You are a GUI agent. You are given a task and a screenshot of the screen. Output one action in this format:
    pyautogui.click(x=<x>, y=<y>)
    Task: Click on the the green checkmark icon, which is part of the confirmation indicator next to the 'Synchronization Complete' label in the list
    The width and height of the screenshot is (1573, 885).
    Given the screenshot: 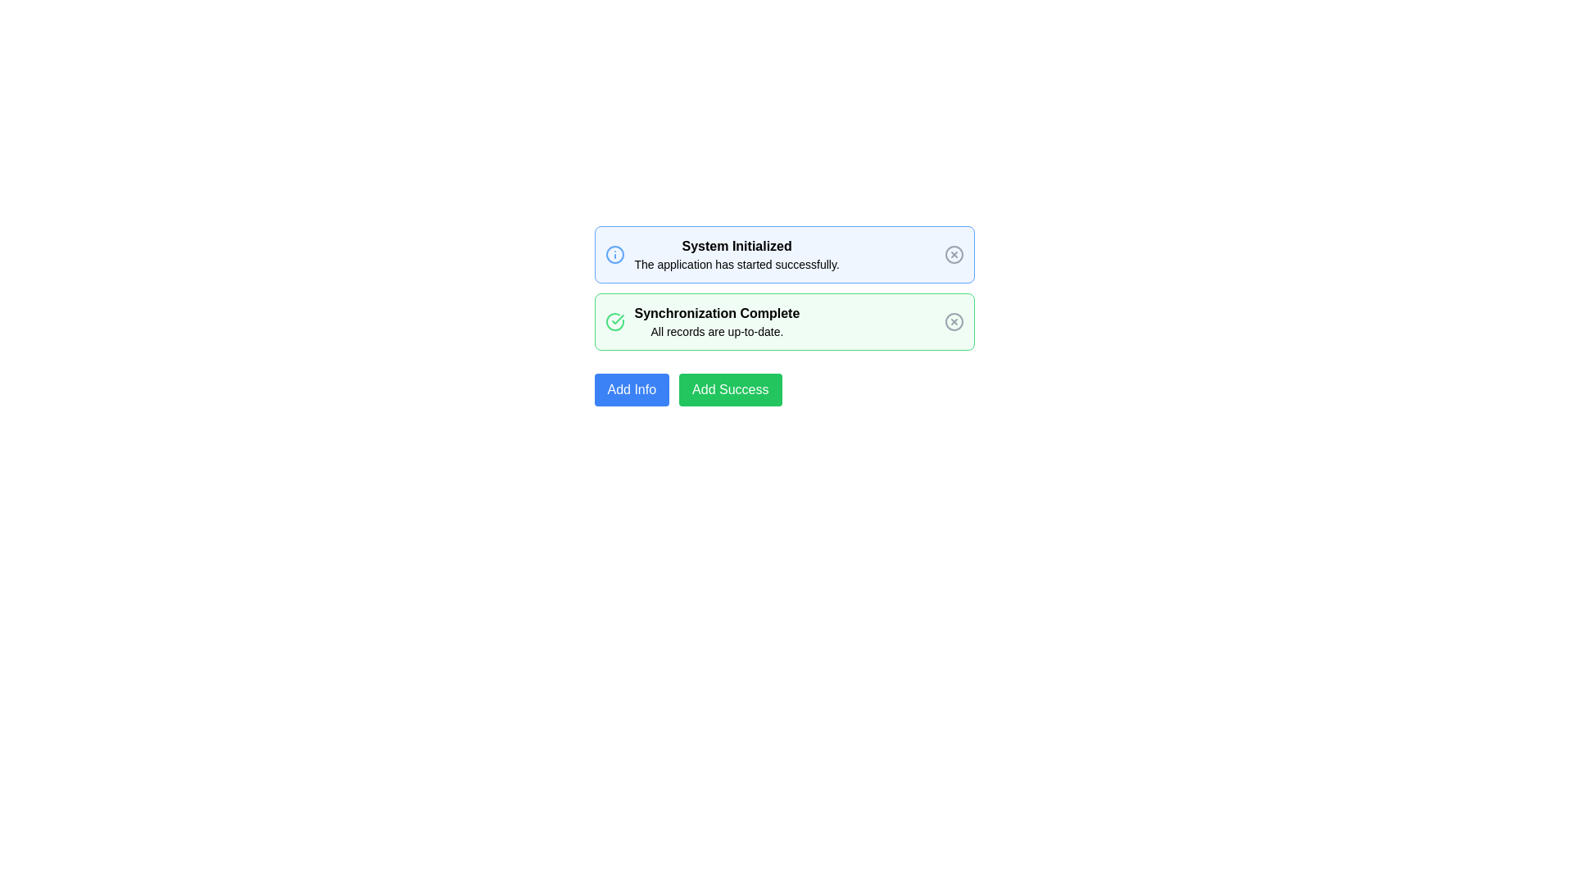 What is the action you would take?
    pyautogui.click(x=616, y=319)
    